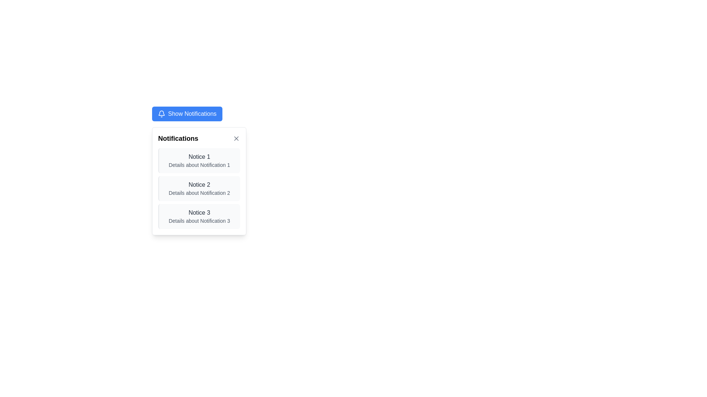 The width and height of the screenshot is (707, 397). What do you see at coordinates (199, 221) in the screenshot?
I see `the descriptive text of 'Notification 3' located below the title 'Notice 3' in the third notification card` at bounding box center [199, 221].